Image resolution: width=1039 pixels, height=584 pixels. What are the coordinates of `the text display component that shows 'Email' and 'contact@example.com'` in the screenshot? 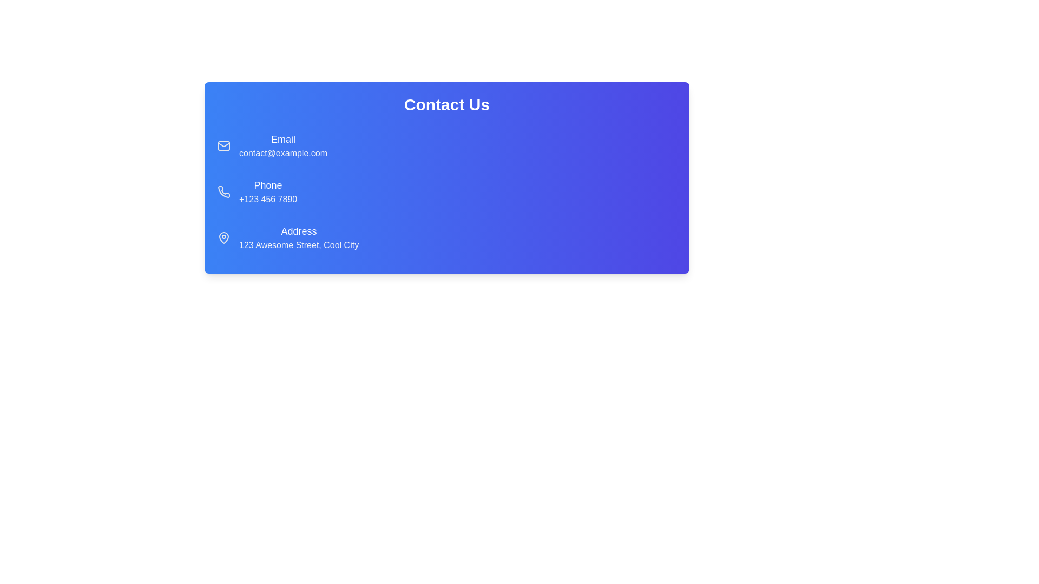 It's located at (283, 146).